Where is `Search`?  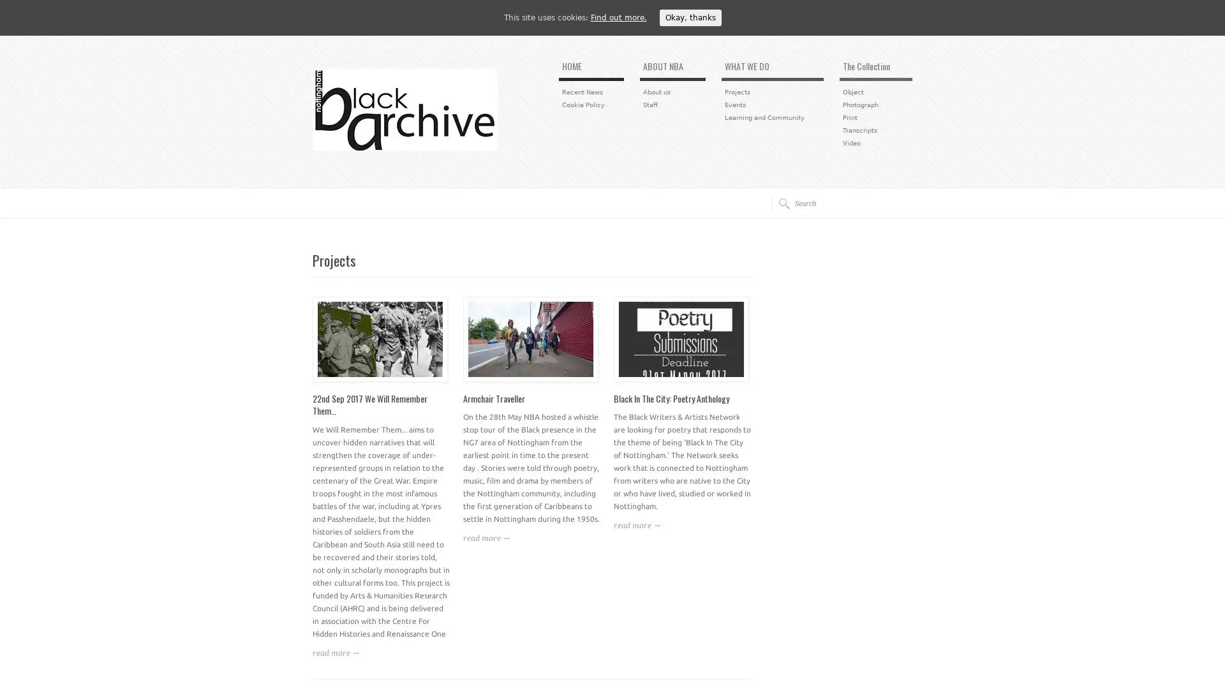
Search is located at coordinates (780, 203).